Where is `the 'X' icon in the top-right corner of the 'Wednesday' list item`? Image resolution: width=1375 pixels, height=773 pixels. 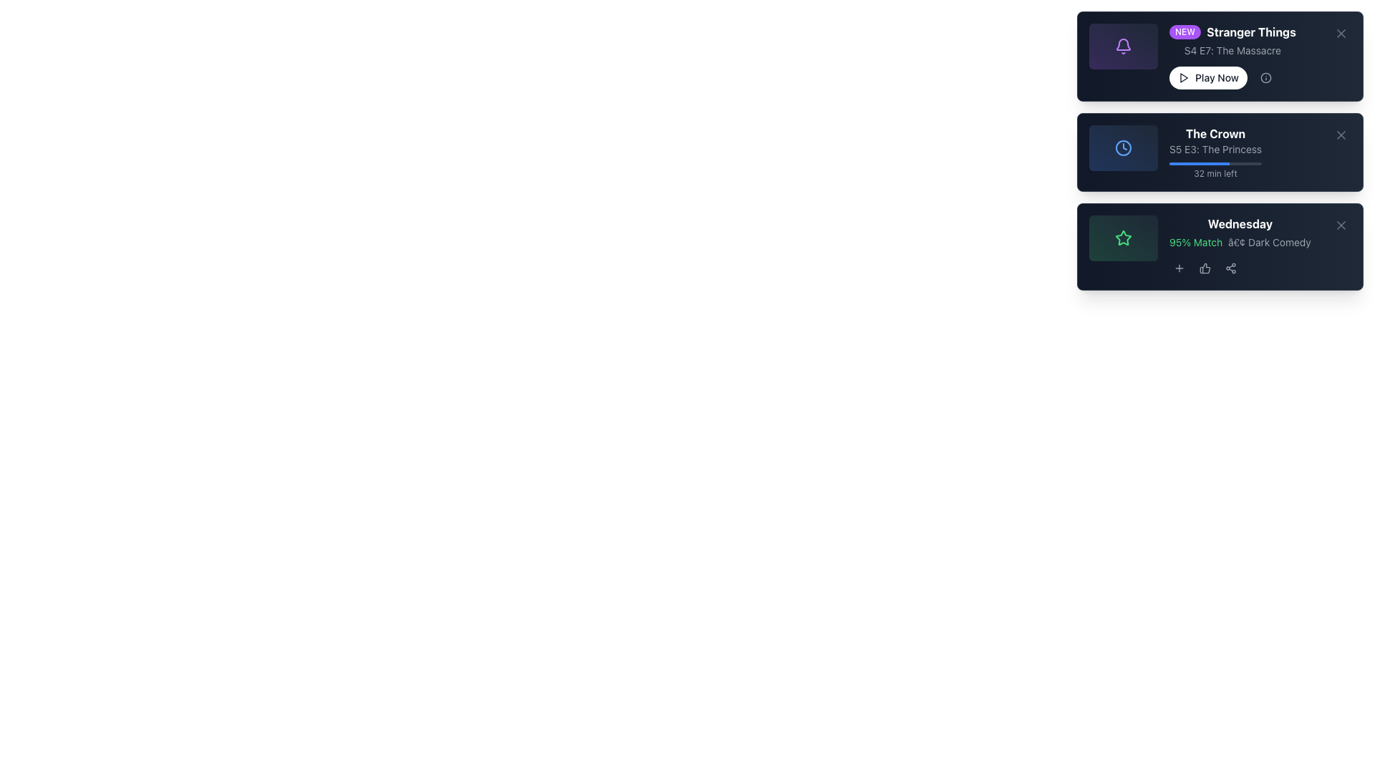
the 'X' icon in the top-right corner of the 'Wednesday' list item is located at coordinates (1340, 225).